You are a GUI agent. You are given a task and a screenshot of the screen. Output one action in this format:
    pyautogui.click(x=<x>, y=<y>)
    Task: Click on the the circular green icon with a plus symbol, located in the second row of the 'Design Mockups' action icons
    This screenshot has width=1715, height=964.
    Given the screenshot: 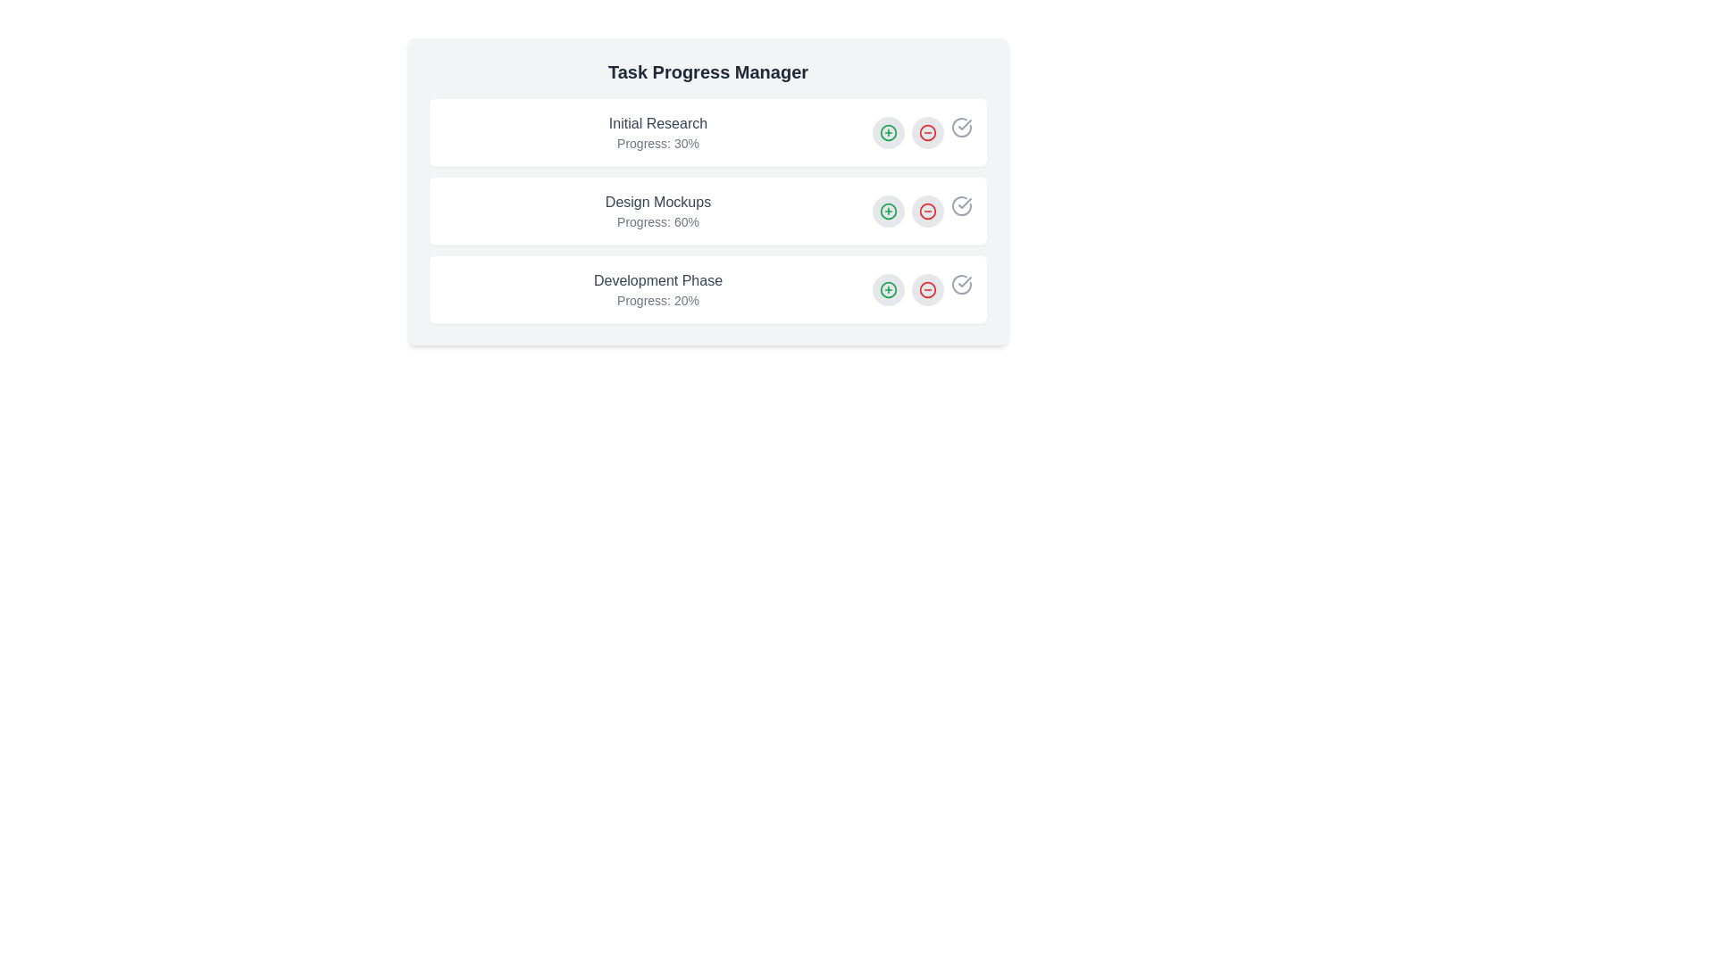 What is the action you would take?
    pyautogui.click(x=888, y=132)
    